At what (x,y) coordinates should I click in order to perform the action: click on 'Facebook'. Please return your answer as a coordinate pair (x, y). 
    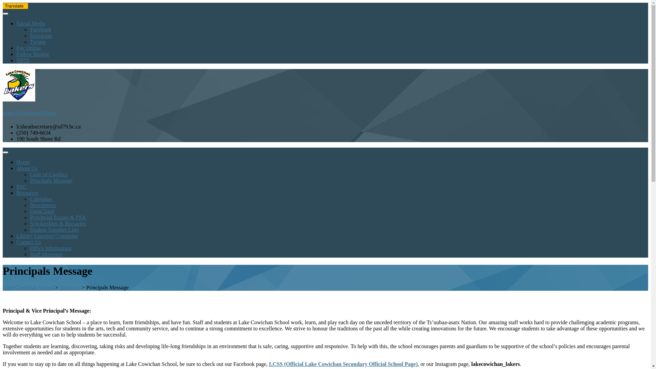
    Looking at the image, I should click on (40, 29).